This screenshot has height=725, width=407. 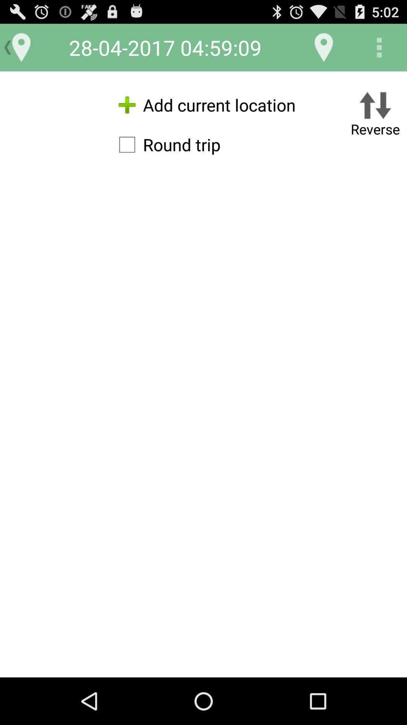 What do you see at coordinates (203, 105) in the screenshot?
I see `the add current location` at bounding box center [203, 105].